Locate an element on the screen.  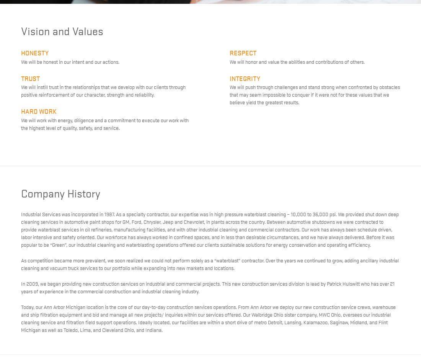
'As competition became more prevalent, we soon realized we could not perform solely as a “waterblast” contractor. Over the years we continued to grow, adding ancillary industrial cleaning and vacuum truck services to our portfolio while expanding into new markets and locations.' is located at coordinates (210, 263).